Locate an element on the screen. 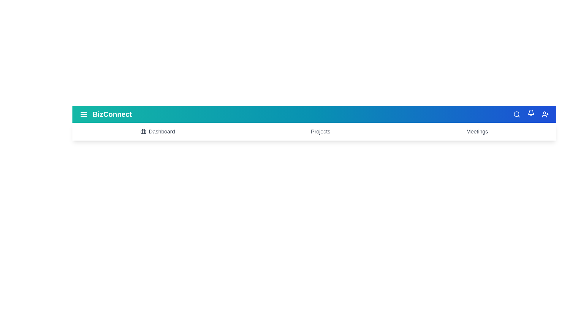  the 'Bell' icon to view notifications is located at coordinates (531, 113).